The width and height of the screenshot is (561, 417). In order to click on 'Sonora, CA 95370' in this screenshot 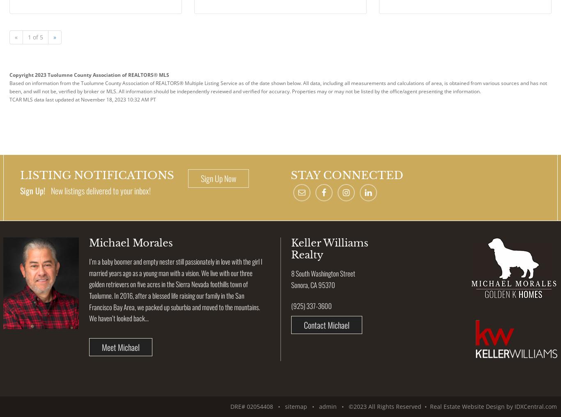, I will do `click(291, 284)`.